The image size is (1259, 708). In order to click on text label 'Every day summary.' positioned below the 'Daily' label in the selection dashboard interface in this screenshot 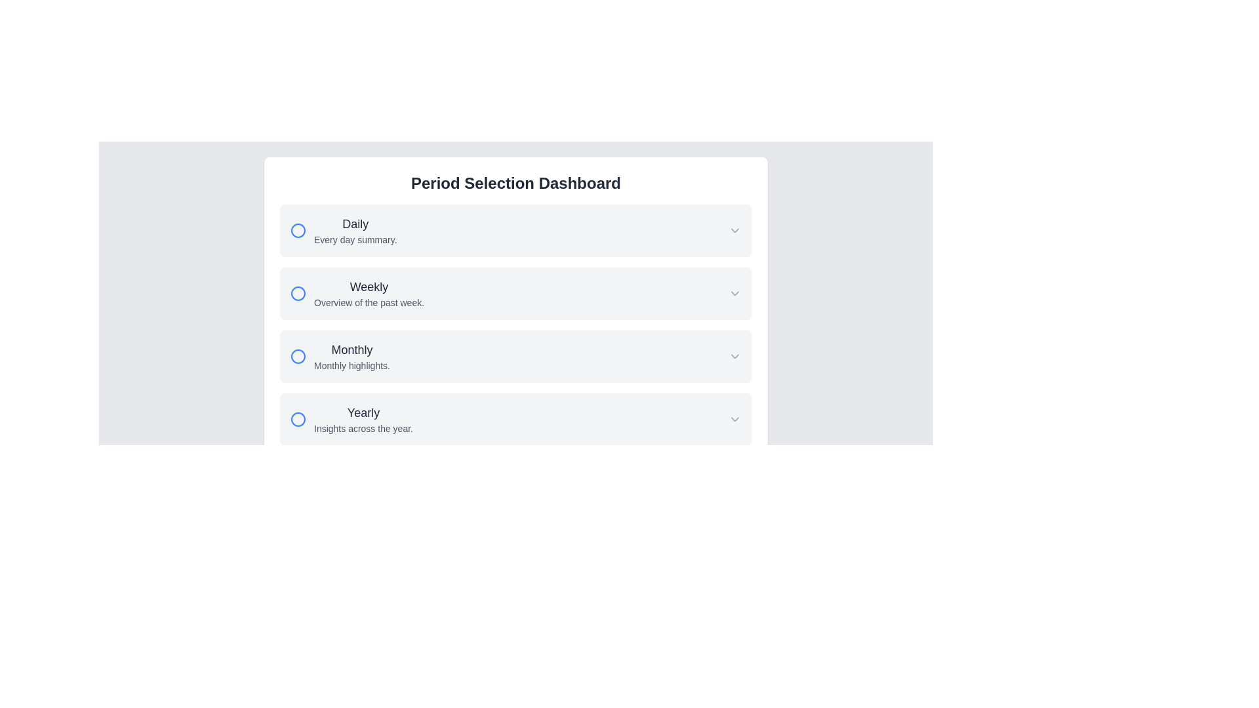, I will do `click(355, 240)`.